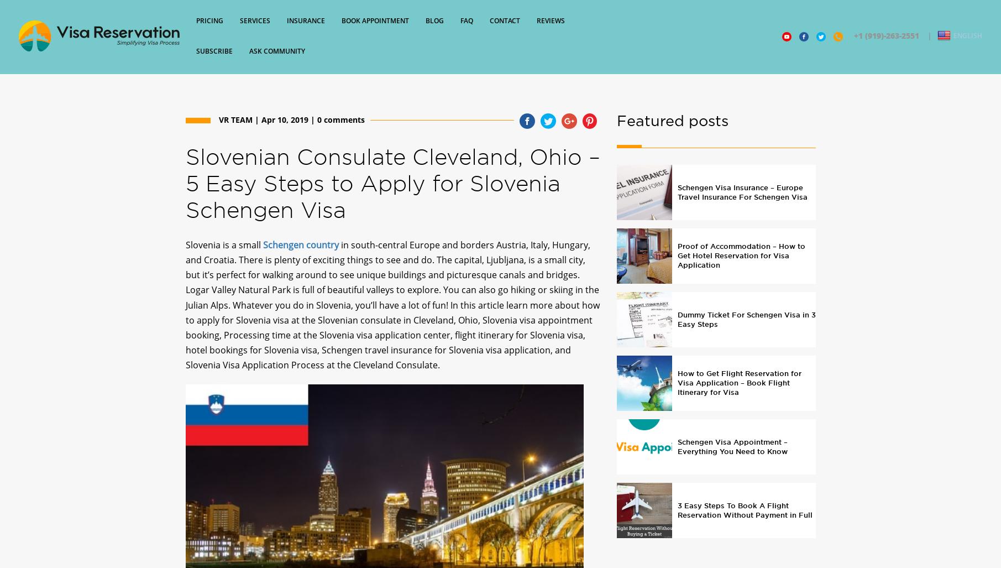 The image size is (1001, 568). Describe the element at coordinates (848, 40) in the screenshot. I see `'+1 (919)-263-2551'` at that location.